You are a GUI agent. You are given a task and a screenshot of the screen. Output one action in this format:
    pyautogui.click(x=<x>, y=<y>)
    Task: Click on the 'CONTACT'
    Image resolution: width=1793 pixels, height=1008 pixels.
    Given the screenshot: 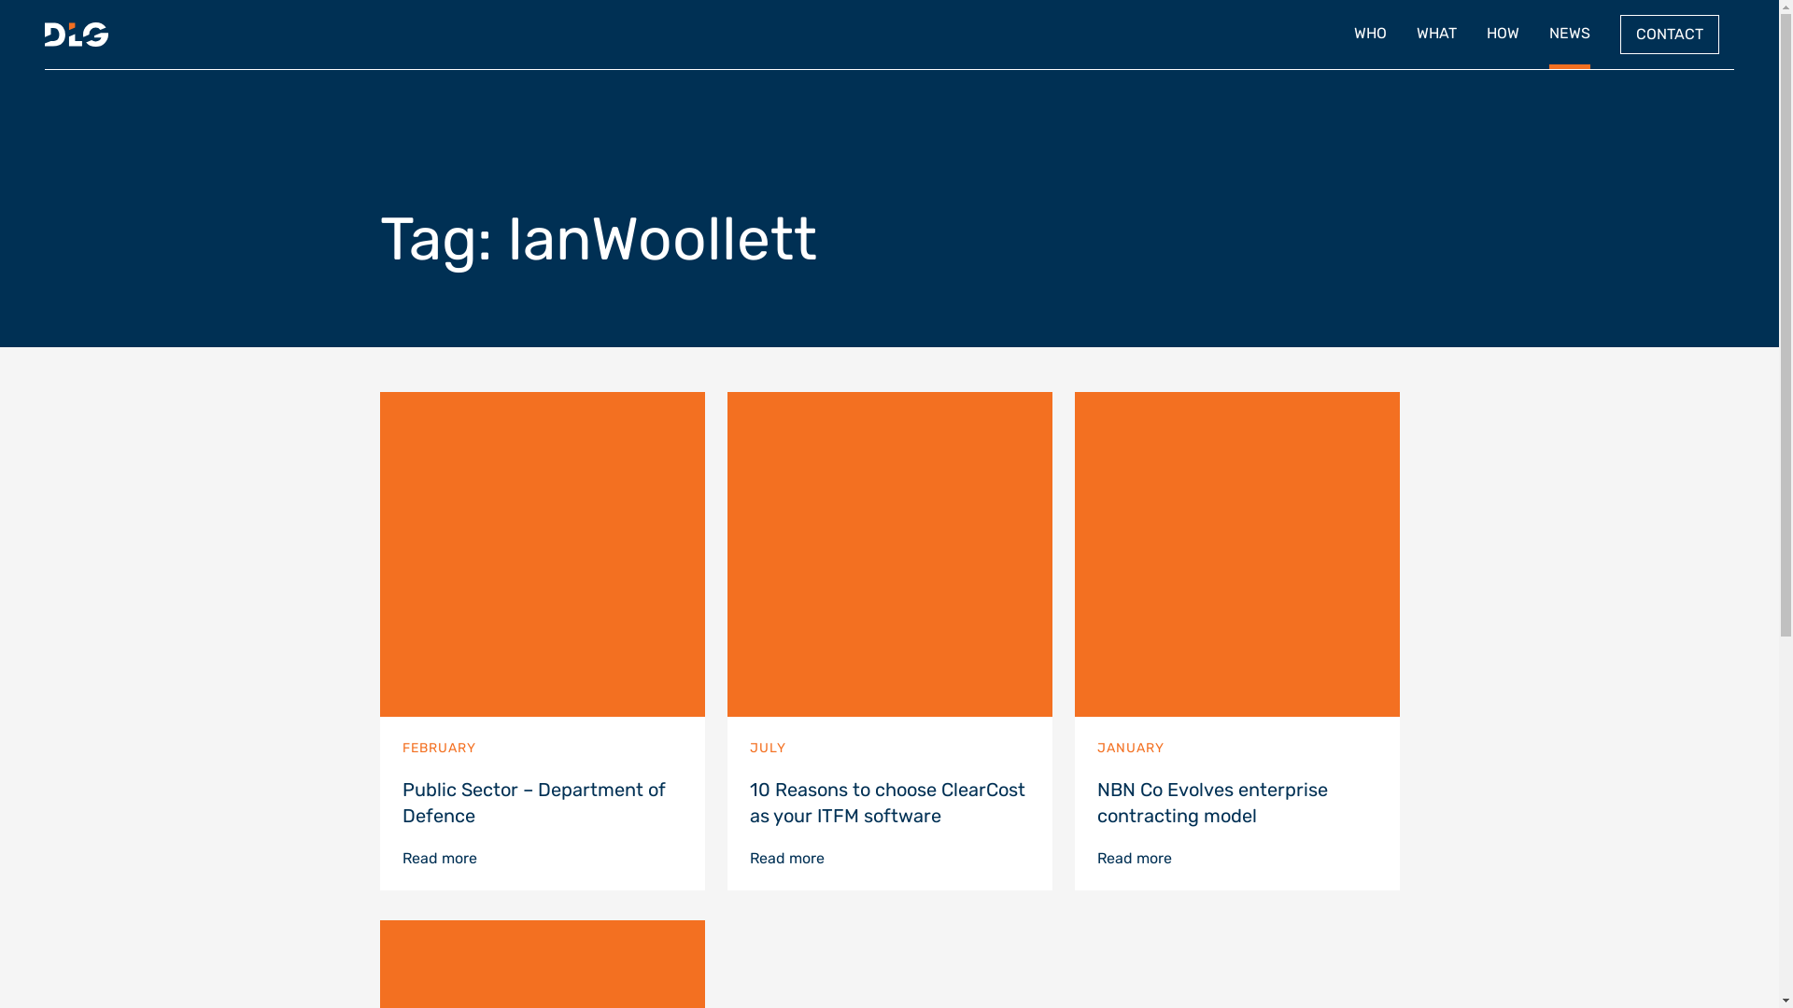 What is the action you would take?
    pyautogui.click(x=1670, y=35)
    